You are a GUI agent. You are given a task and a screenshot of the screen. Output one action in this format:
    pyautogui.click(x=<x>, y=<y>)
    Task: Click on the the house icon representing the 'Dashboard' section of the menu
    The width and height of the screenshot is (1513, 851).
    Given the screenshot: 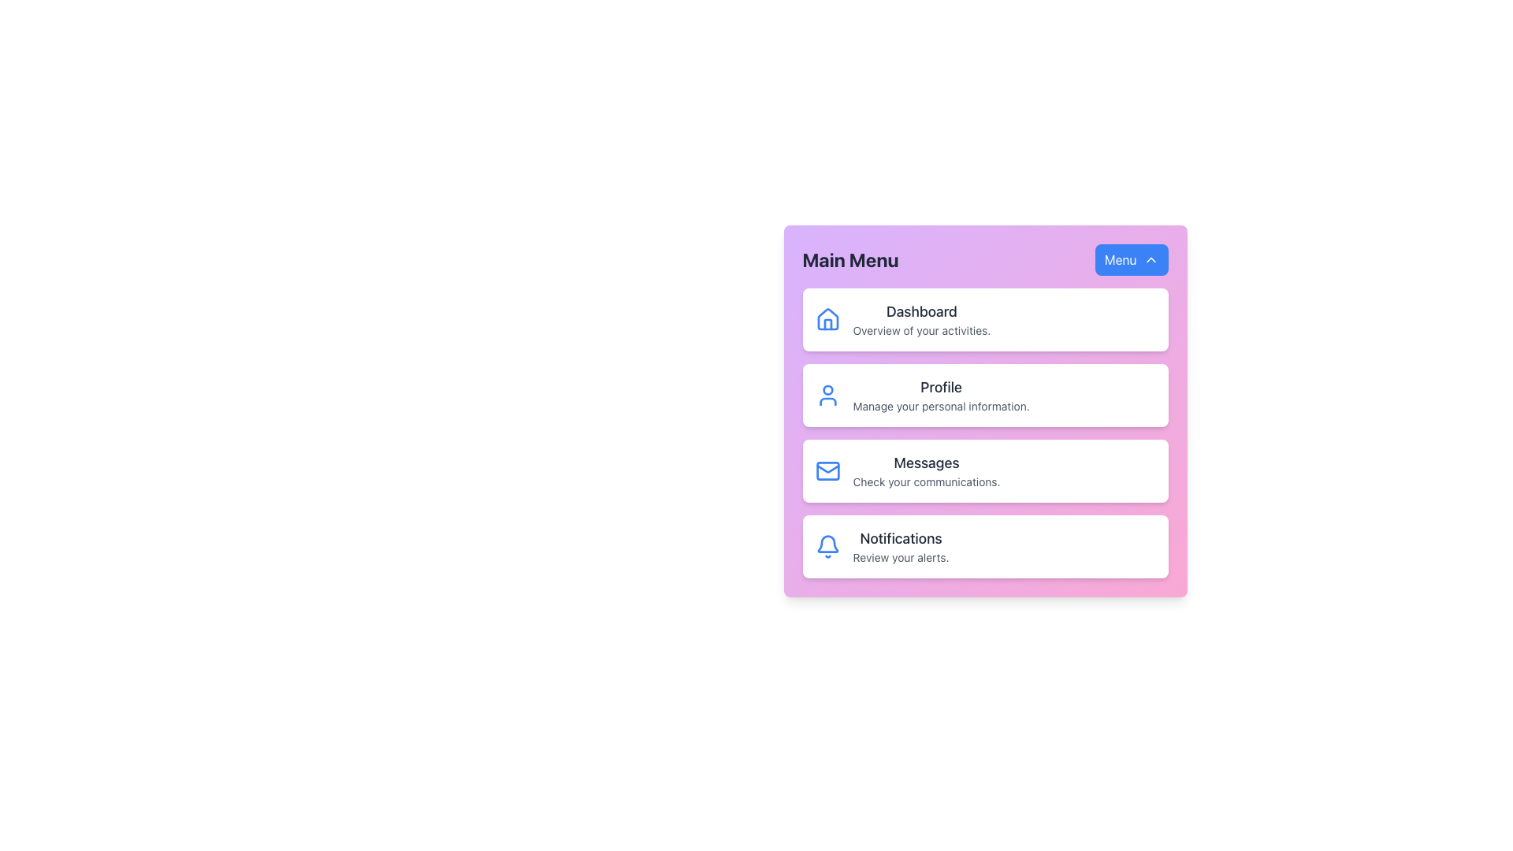 What is the action you would take?
    pyautogui.click(x=827, y=319)
    